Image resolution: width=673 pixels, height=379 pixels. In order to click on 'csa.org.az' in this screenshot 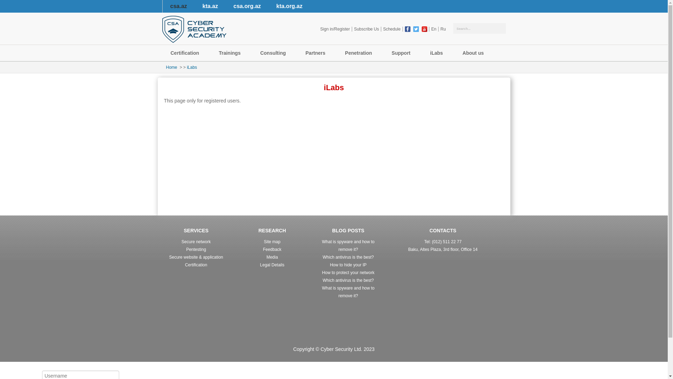, I will do `click(247, 6)`.